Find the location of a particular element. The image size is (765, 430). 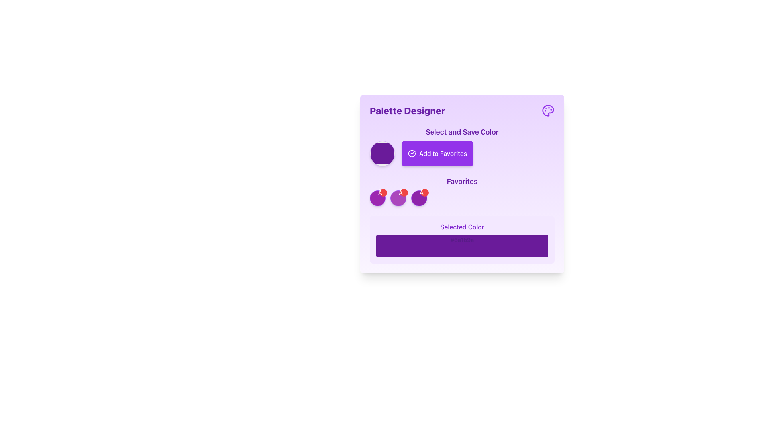

the circular button with a red overlay and white 'A' in the Favorites section is located at coordinates (398, 197).